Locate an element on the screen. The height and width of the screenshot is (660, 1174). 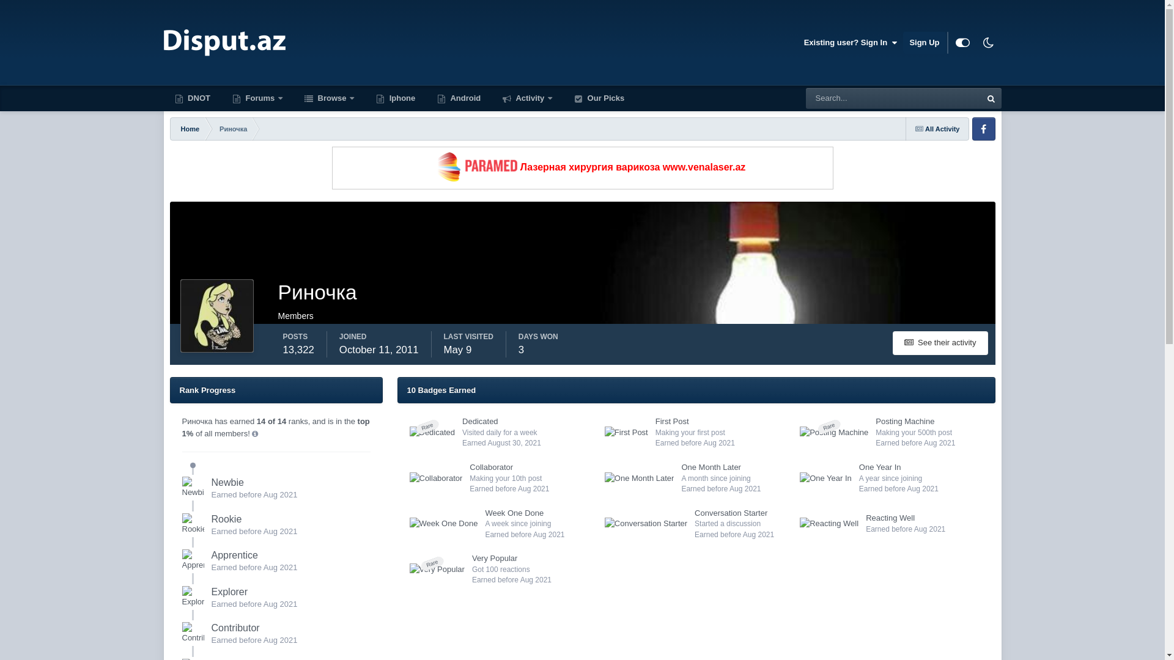
'Rank: Rookie (2/14)' is located at coordinates (193, 523).